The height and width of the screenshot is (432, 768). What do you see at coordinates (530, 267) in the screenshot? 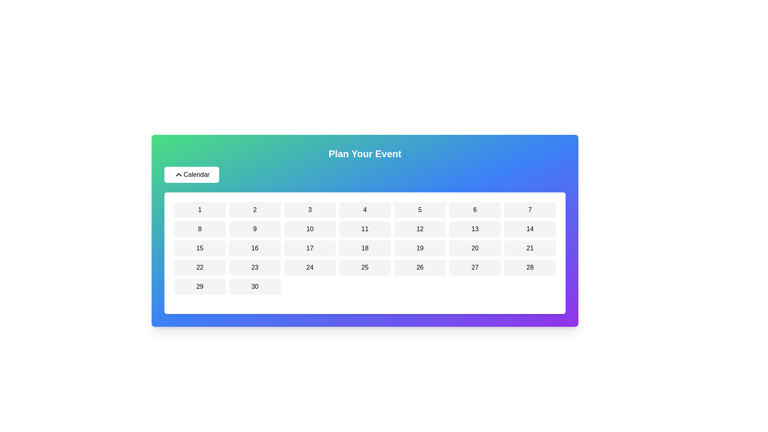
I see `the button corresponding to the number '28' located in the seventh column of the fifth row within the calendar layout` at bounding box center [530, 267].